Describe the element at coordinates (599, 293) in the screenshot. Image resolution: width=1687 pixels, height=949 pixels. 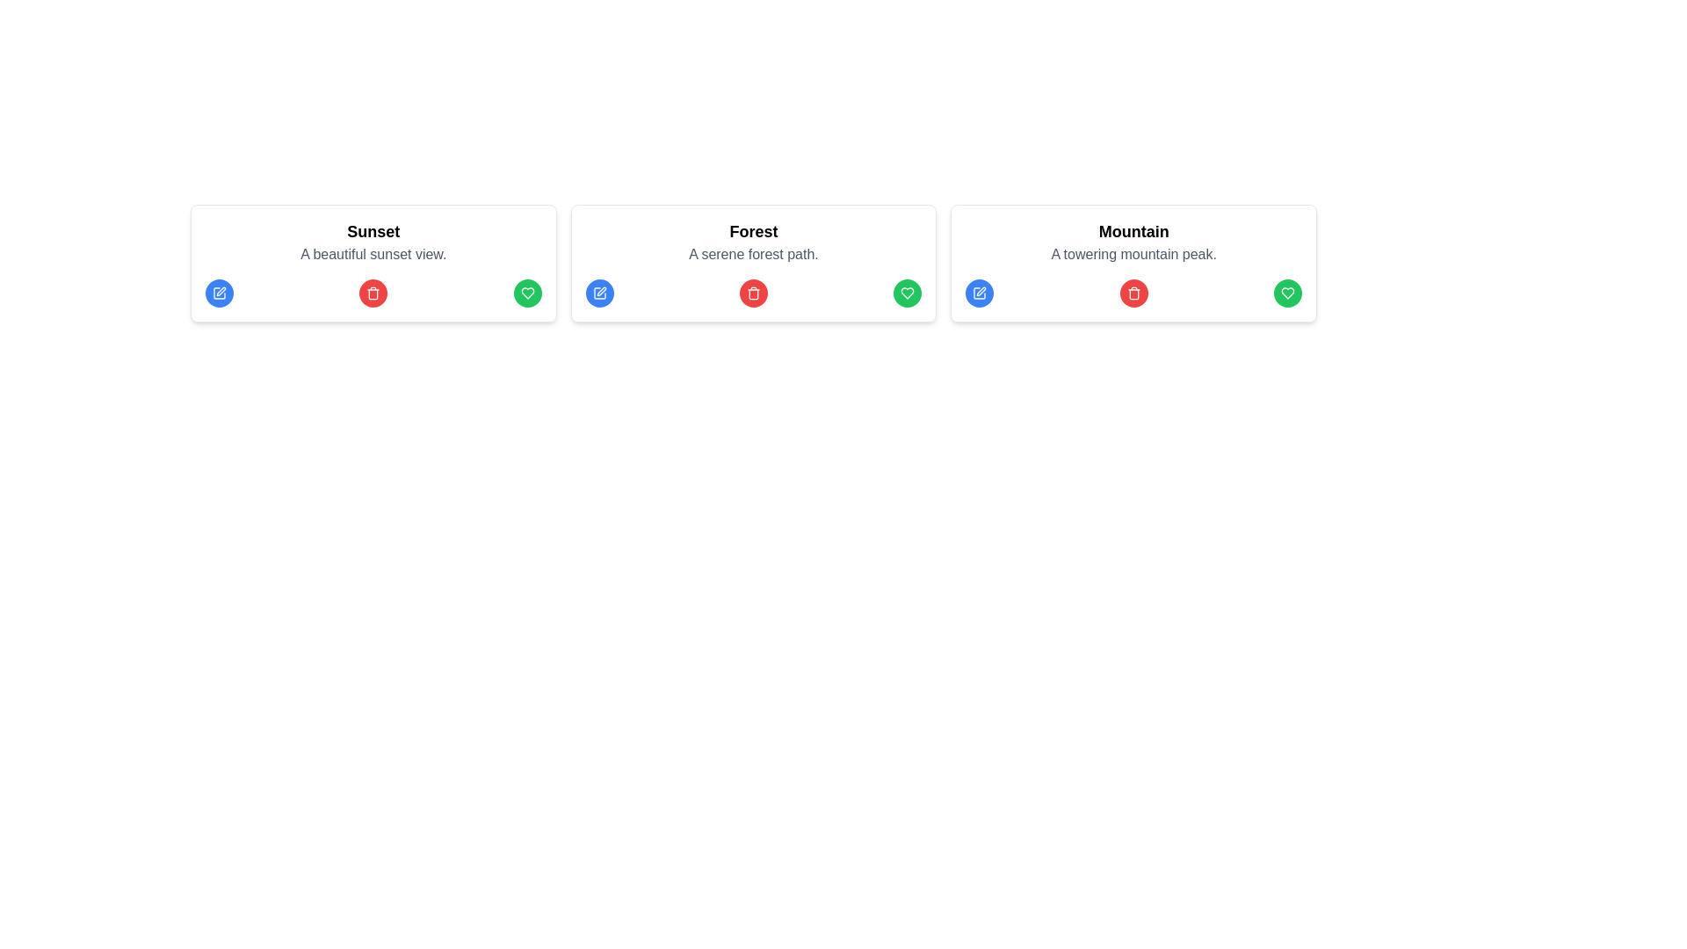
I see `the edit button located in the first interactive section under the card labeled 'Forest'` at that location.